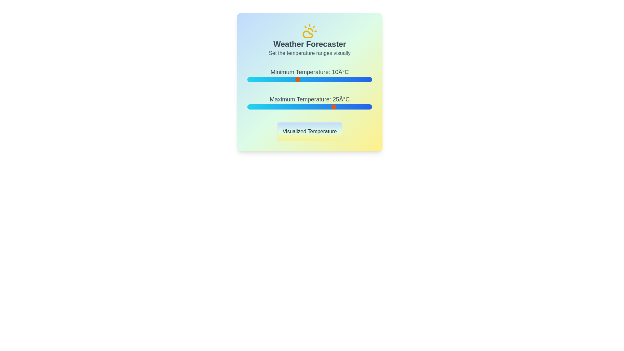 The image size is (624, 351). I want to click on the maximum temperature slider to 9°C, so click(294, 106).